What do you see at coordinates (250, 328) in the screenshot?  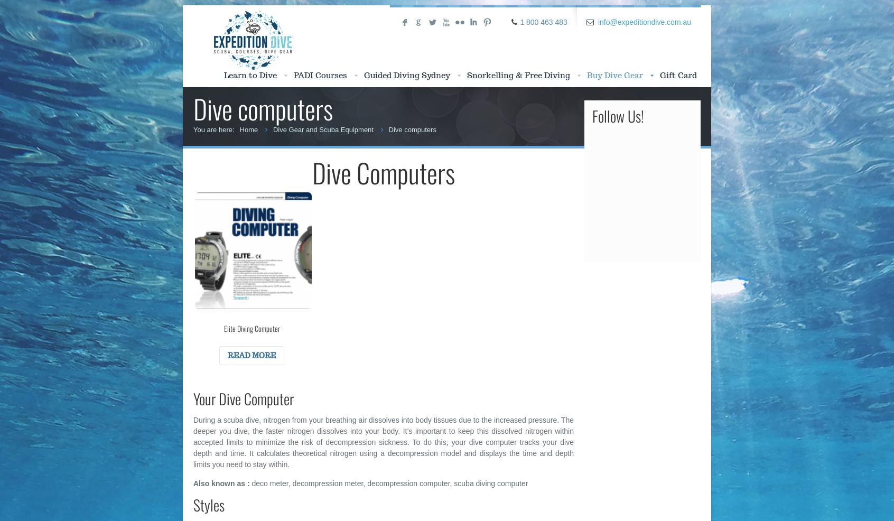 I see `'Elite Diving Computer'` at bounding box center [250, 328].